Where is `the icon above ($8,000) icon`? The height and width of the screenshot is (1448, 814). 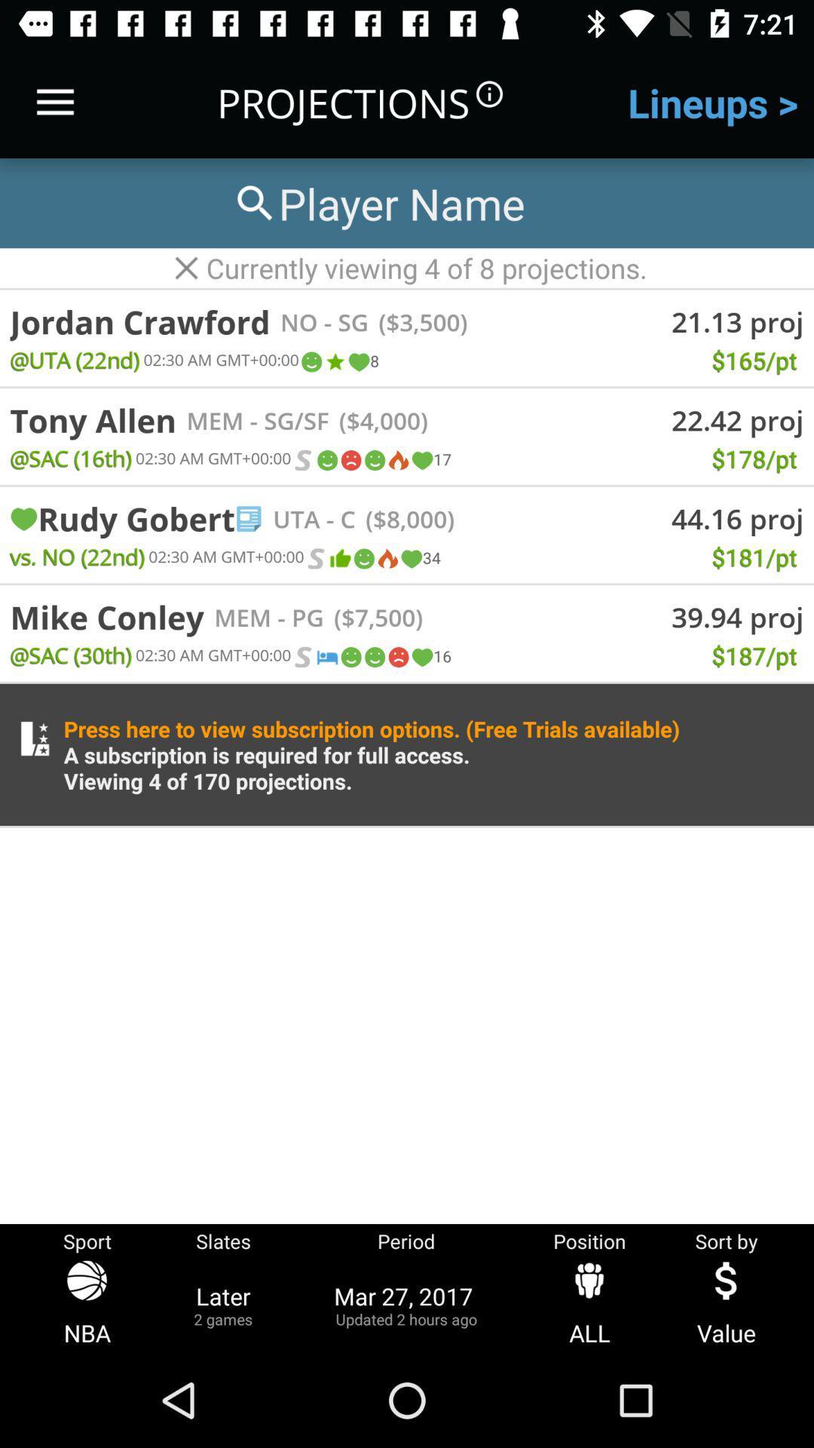
the icon above ($8,000) icon is located at coordinates (421, 459).